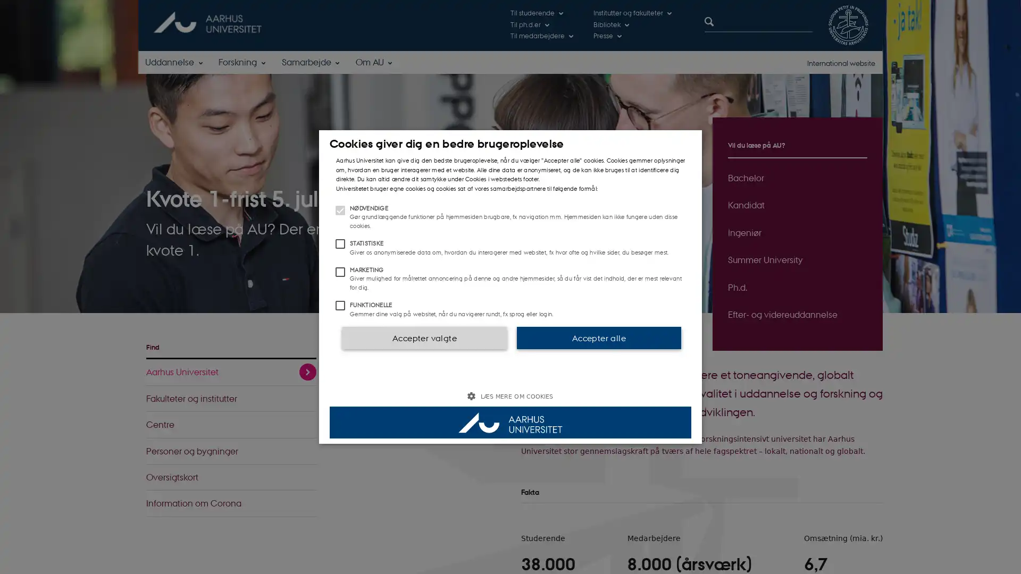 This screenshot has height=574, width=1021. Describe the element at coordinates (231, 398) in the screenshot. I see `Fakulteter og institutter` at that location.